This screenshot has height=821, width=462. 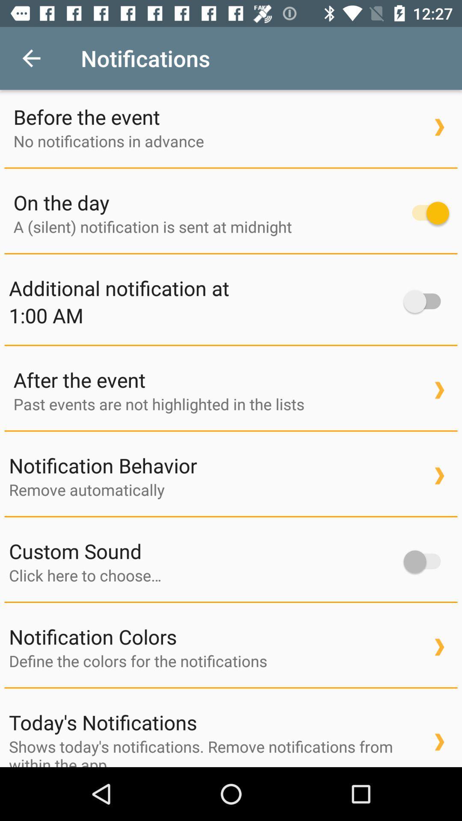 What do you see at coordinates (202, 575) in the screenshot?
I see `choose custom sound` at bounding box center [202, 575].